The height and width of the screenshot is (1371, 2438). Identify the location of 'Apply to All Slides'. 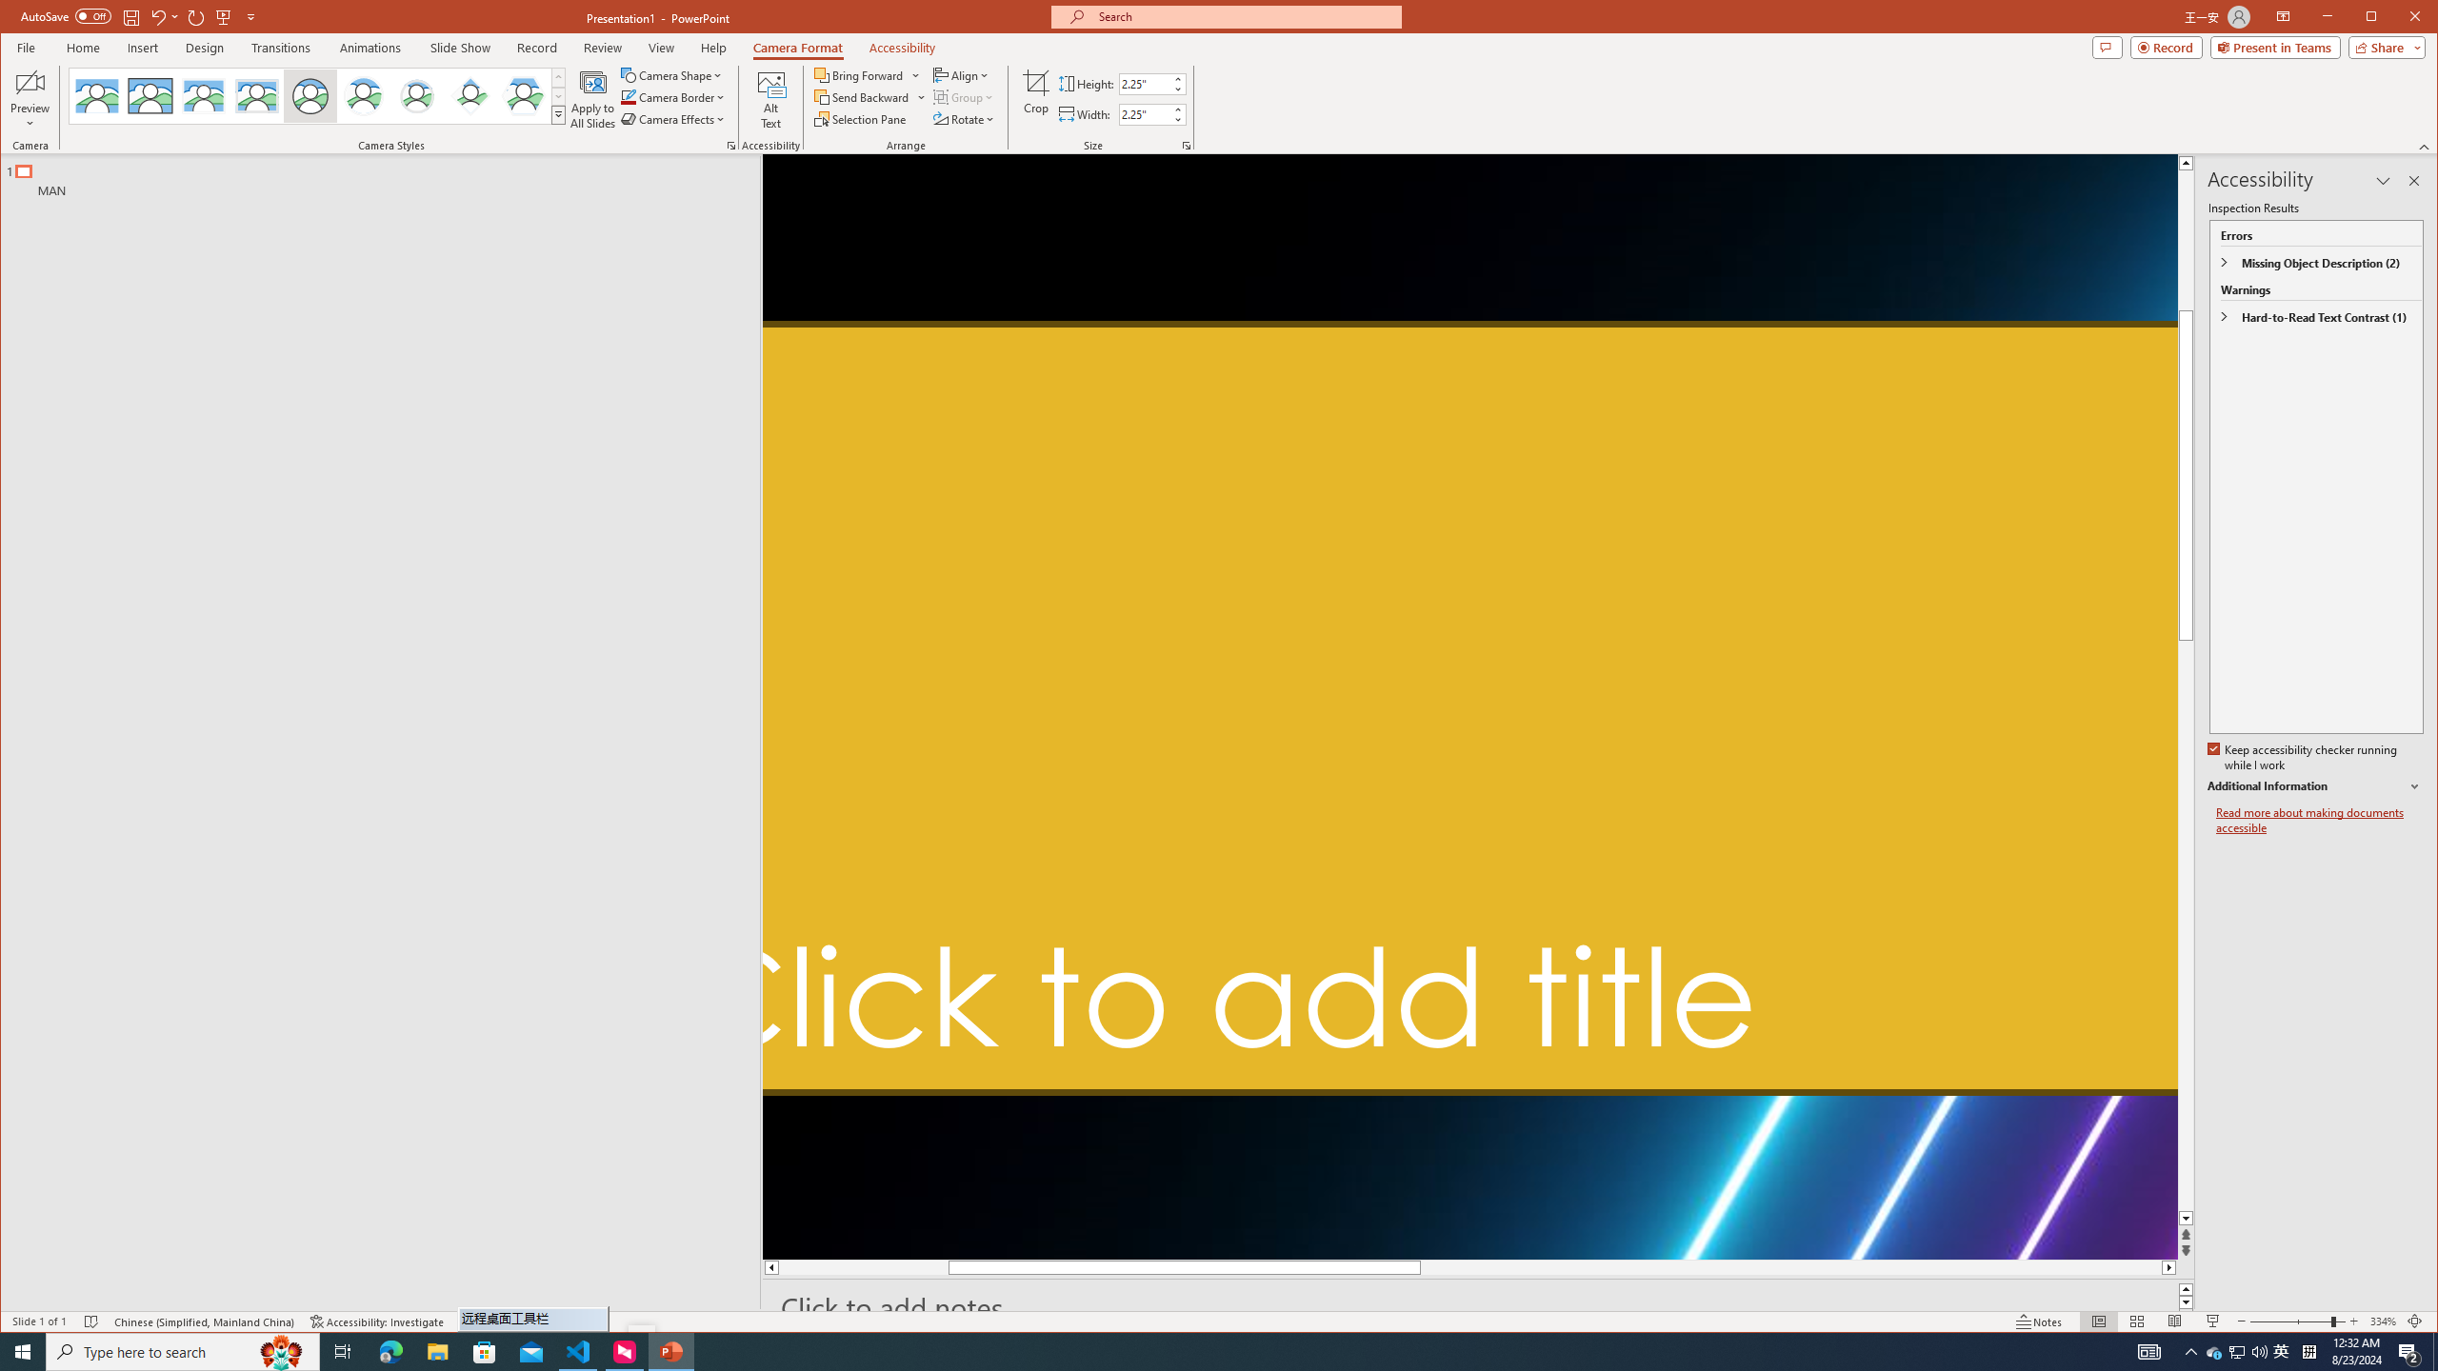
(593, 98).